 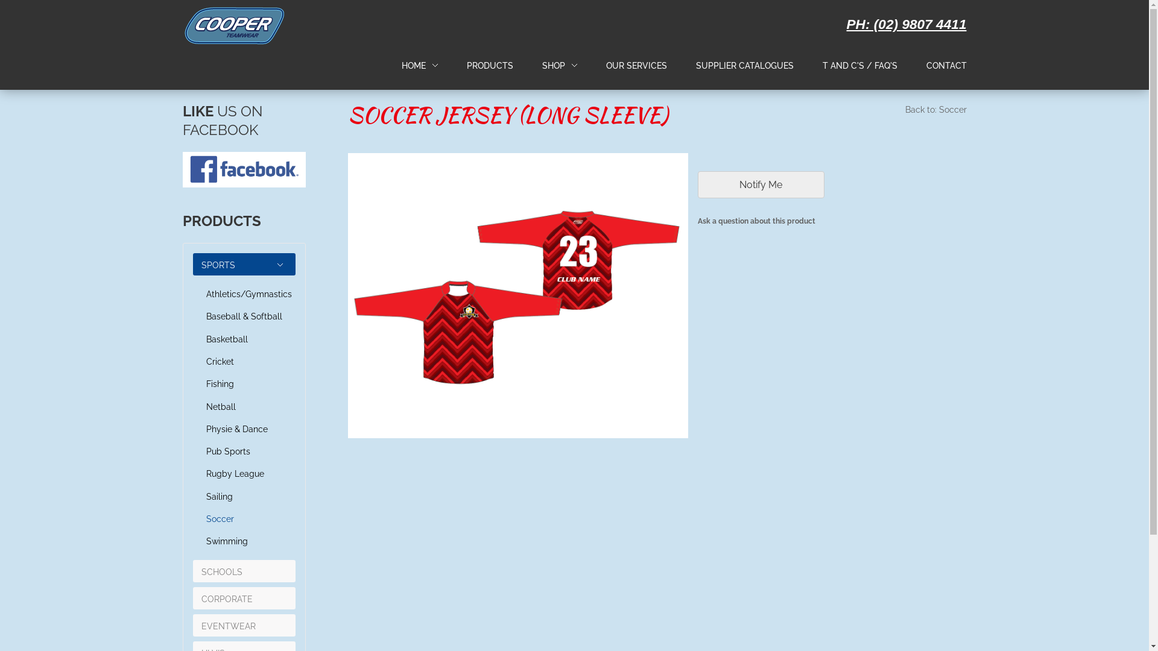 What do you see at coordinates (490, 66) in the screenshot?
I see `'PRODUCTS'` at bounding box center [490, 66].